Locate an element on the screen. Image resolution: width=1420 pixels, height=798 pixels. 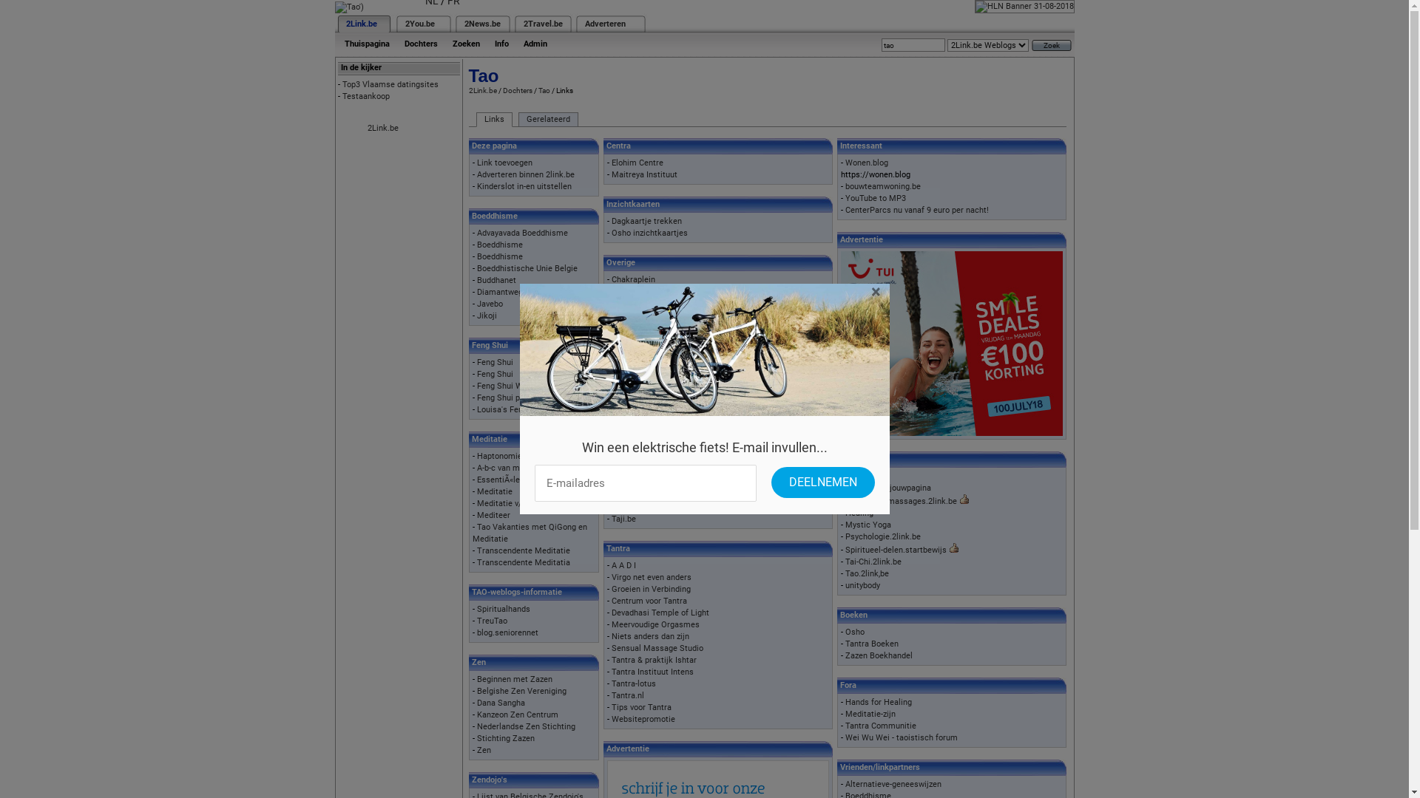
'Mediteer' is located at coordinates (493, 514).